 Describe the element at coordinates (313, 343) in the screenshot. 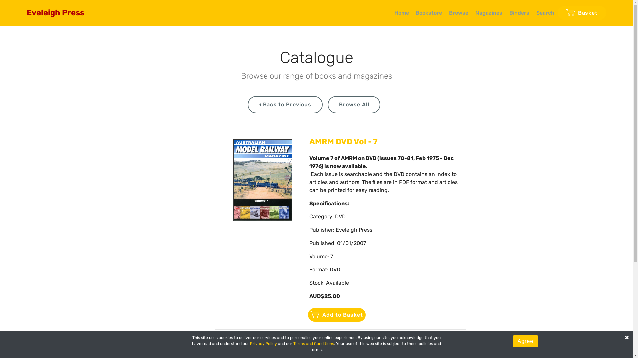

I see `'Terms and Conditions'` at that location.